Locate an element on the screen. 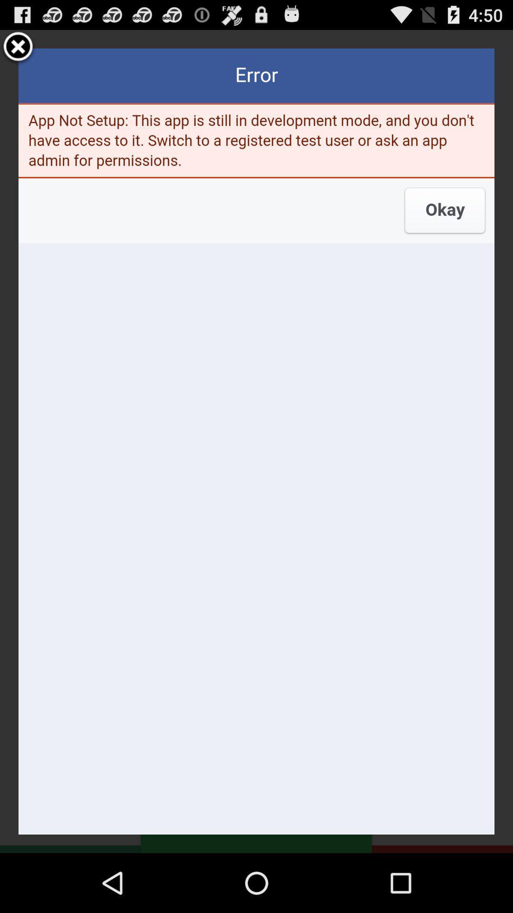  close is located at coordinates (18, 48).